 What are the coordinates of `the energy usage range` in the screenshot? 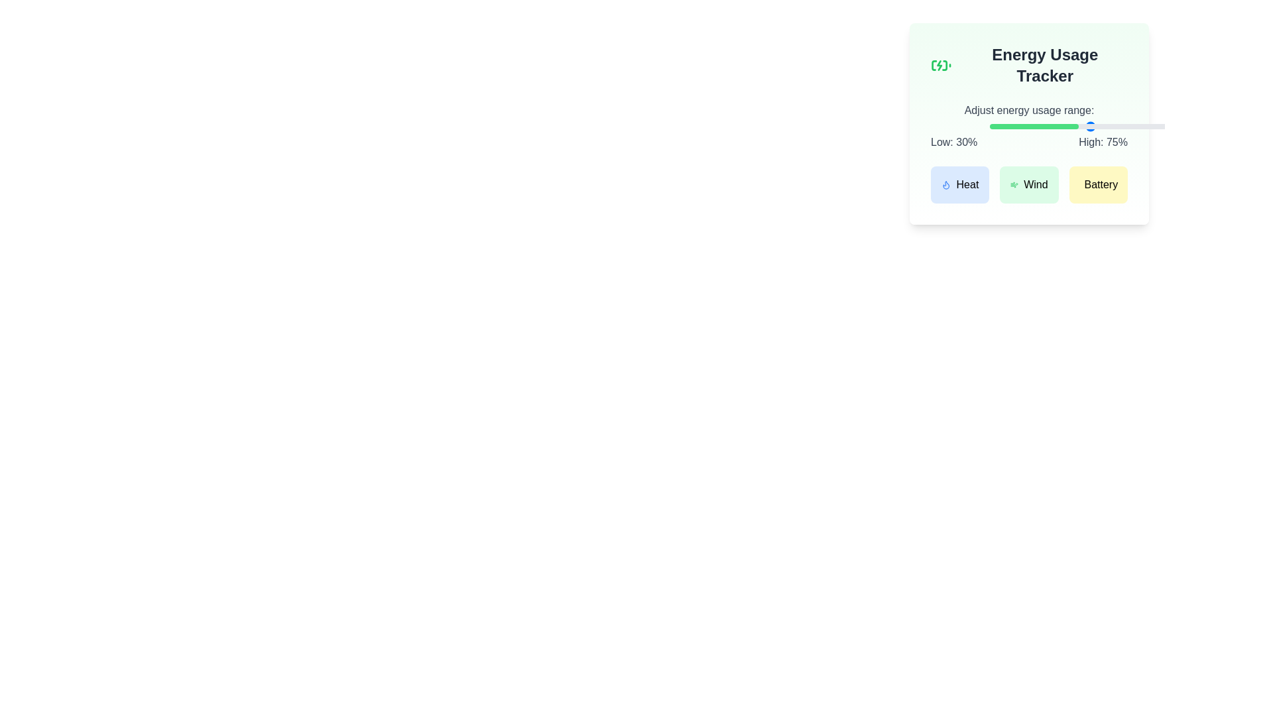 It's located at (1190, 127).